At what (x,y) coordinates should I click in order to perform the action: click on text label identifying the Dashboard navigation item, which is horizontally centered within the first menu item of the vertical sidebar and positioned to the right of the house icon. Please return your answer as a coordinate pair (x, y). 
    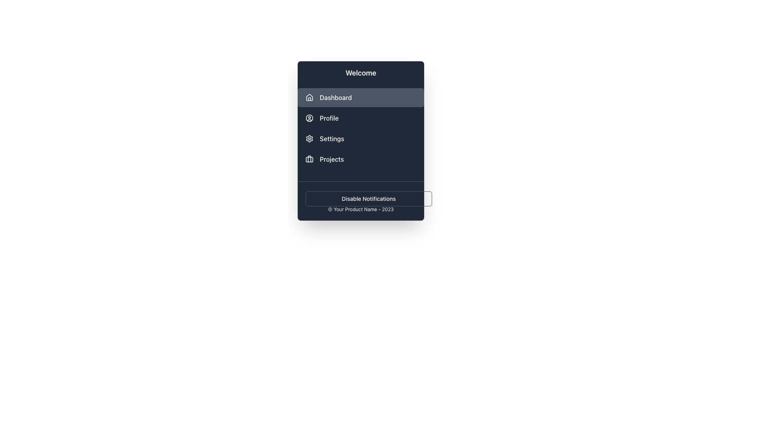
    Looking at the image, I should click on (336, 97).